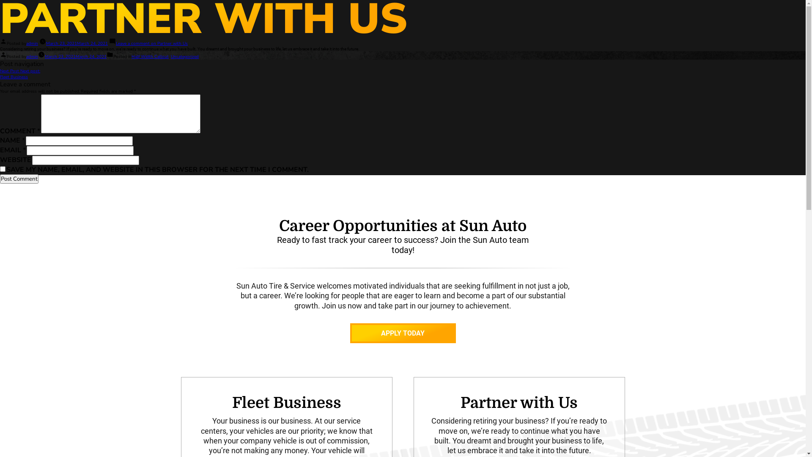 The image size is (812, 457). What do you see at coordinates (19, 179) in the screenshot?
I see `'Post Comment'` at bounding box center [19, 179].